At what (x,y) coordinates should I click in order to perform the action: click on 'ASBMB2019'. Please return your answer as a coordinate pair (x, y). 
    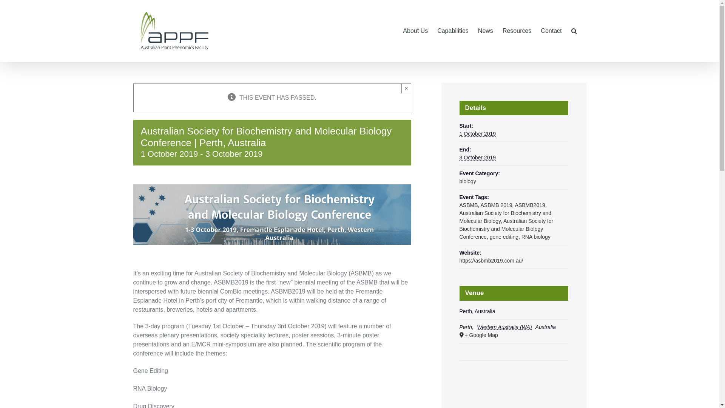
    Looking at the image, I should click on (514, 205).